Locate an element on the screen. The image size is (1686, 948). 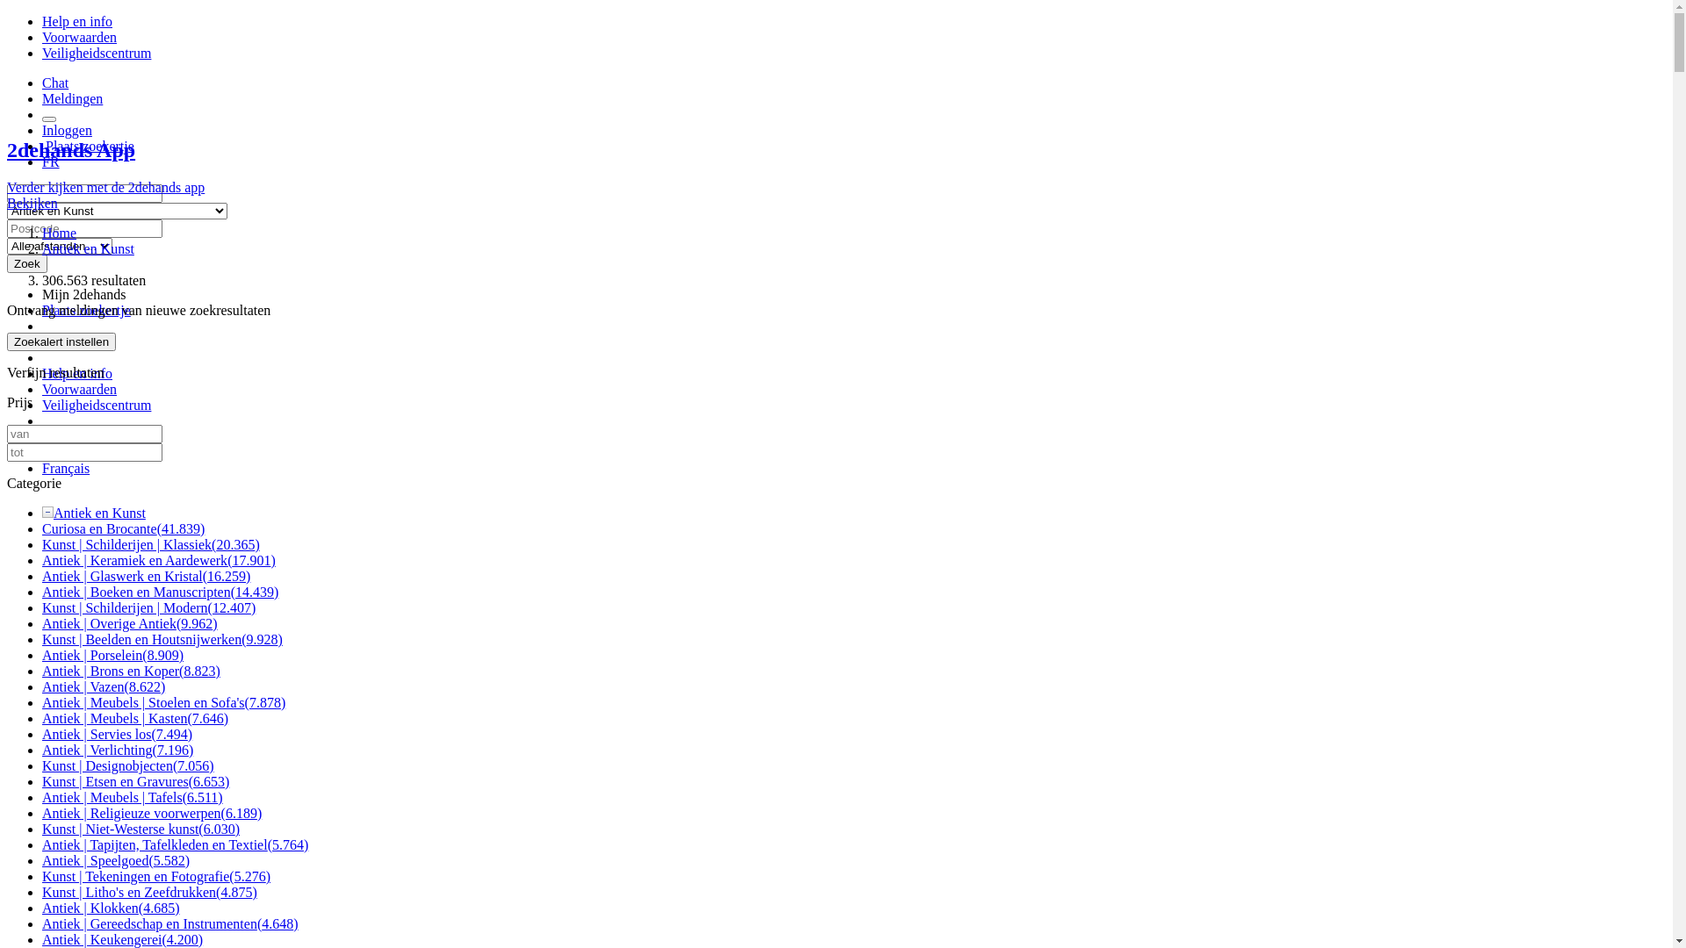
'Antiek | Verlichting(7.196)' is located at coordinates (117, 750).